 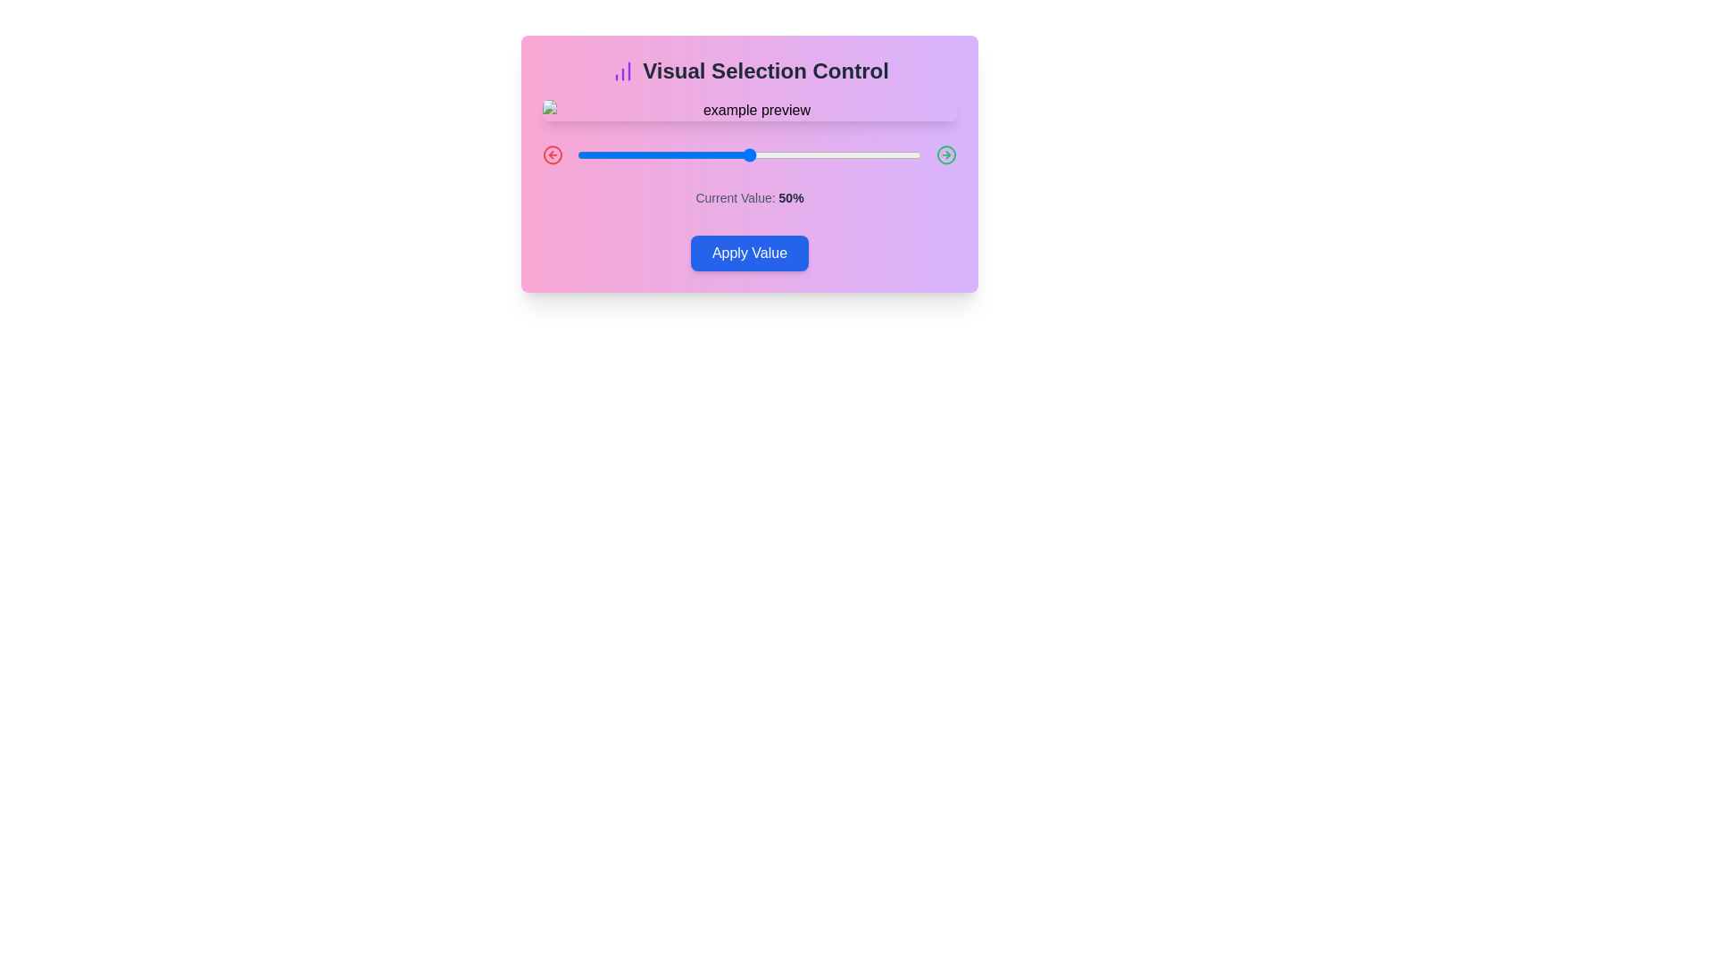 I want to click on the left arrow icon to adjust the value, so click(x=552, y=154).